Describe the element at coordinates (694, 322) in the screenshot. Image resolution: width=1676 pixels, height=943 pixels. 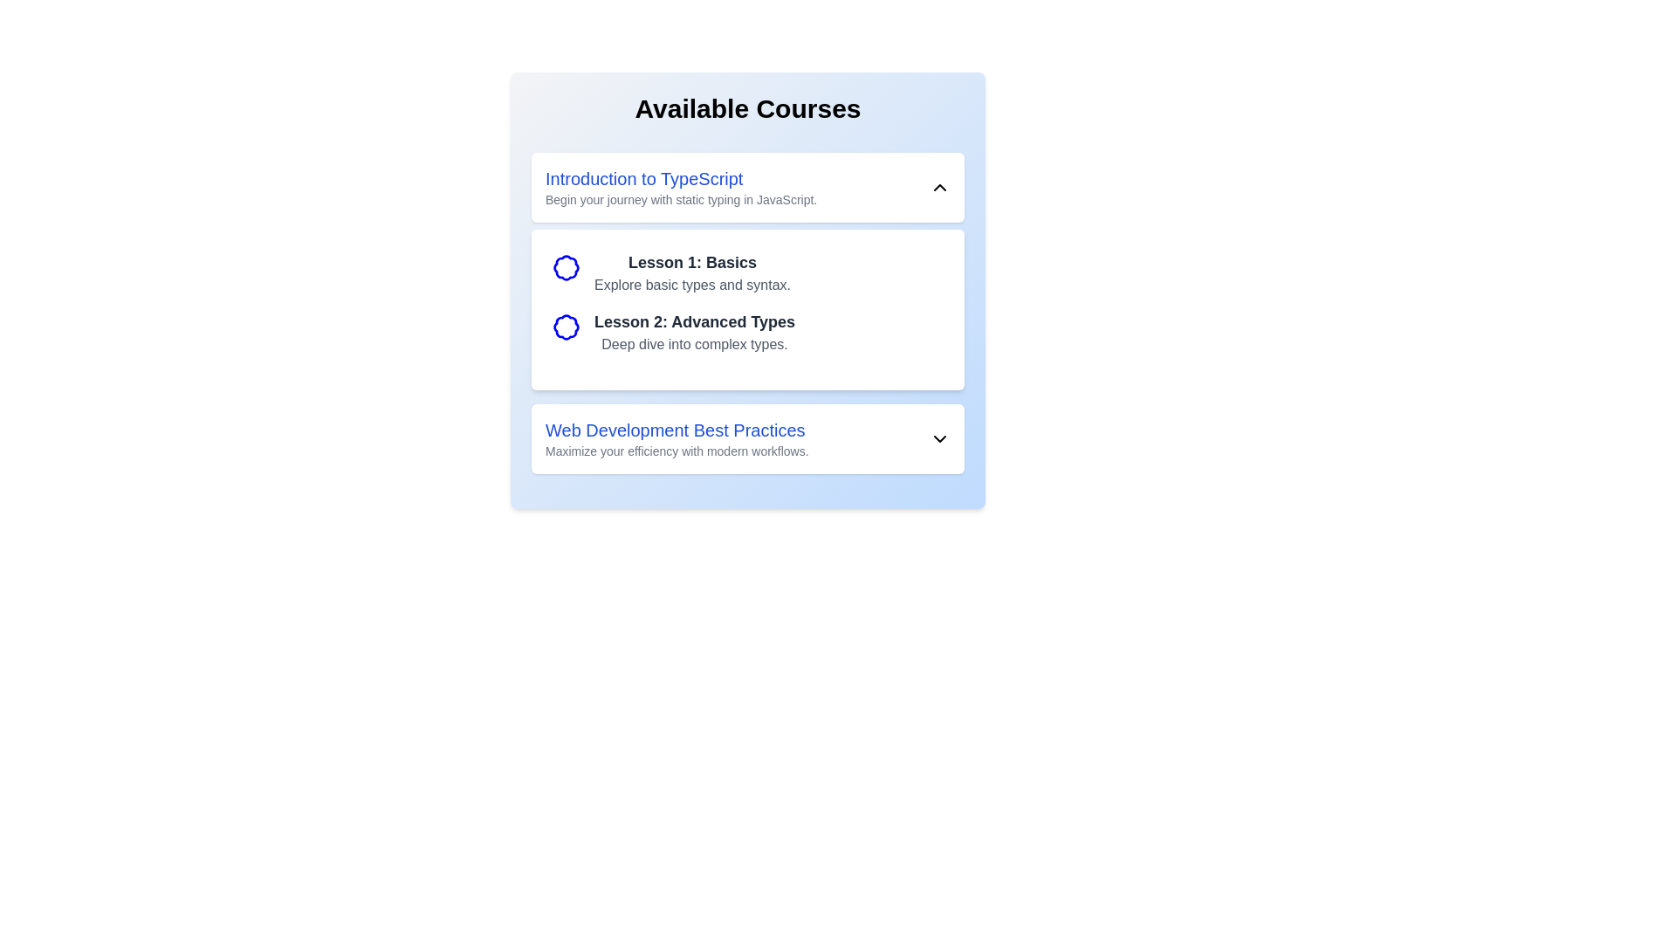
I see `the Text Label that conveys the title of 'Lesson 2: Advanced Types', located under the 'Available Courses' header and above the description 'Deep dive into complex types'` at that location.